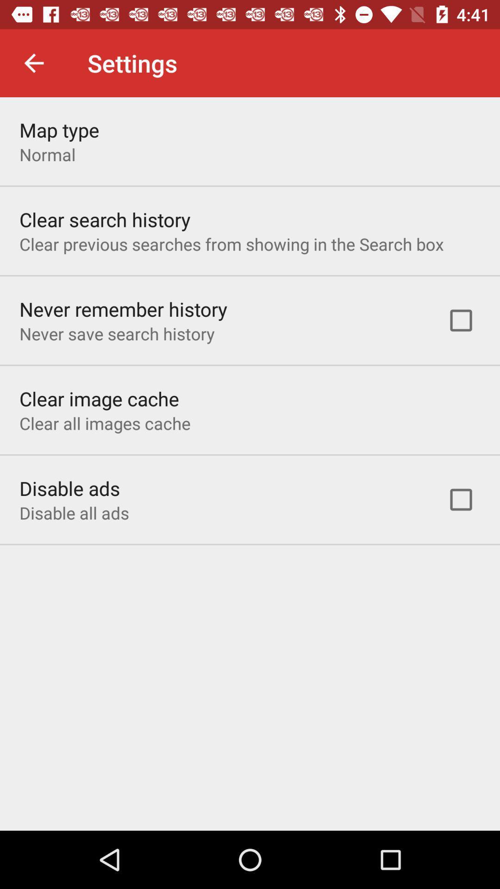 The width and height of the screenshot is (500, 889). What do you see at coordinates (33, 63) in the screenshot?
I see `the icon to the left of settings item` at bounding box center [33, 63].